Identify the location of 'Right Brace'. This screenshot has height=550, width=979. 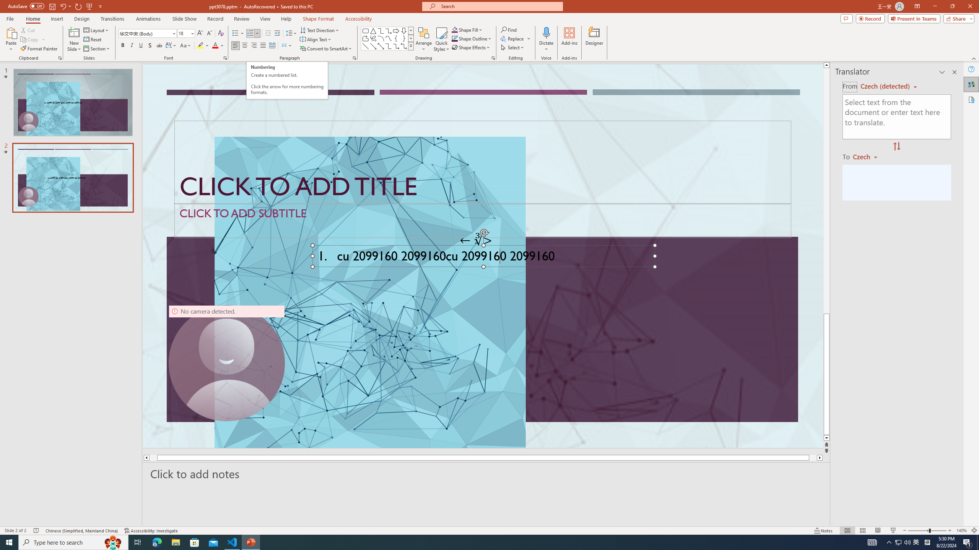
(403, 38).